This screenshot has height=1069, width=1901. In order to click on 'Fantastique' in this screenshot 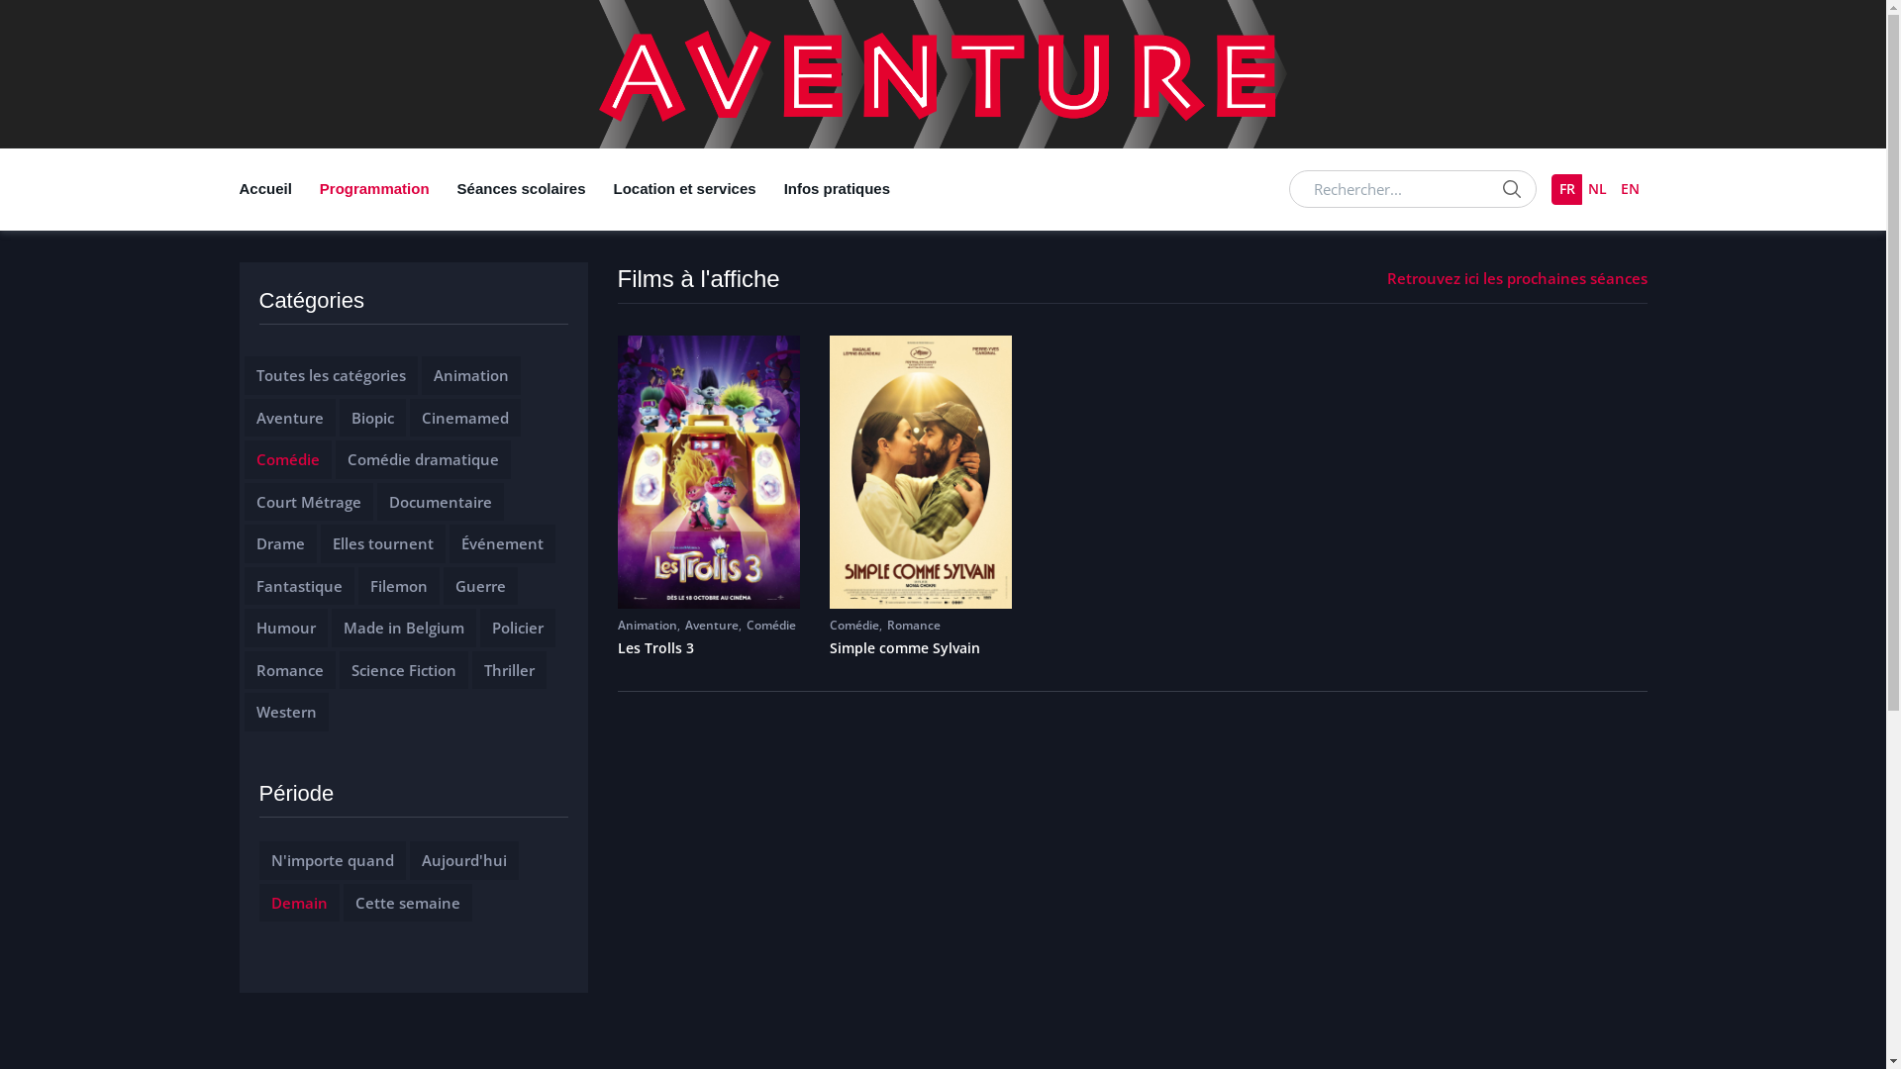, I will do `click(297, 584)`.